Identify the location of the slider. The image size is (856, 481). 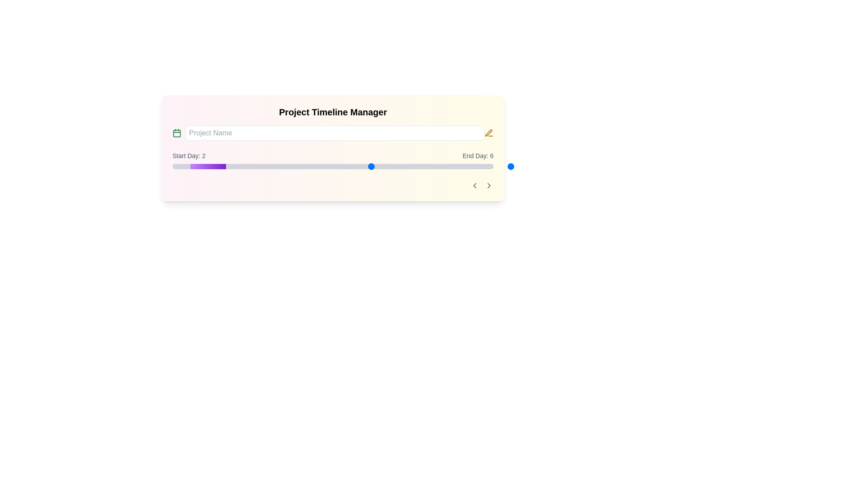
(440, 167).